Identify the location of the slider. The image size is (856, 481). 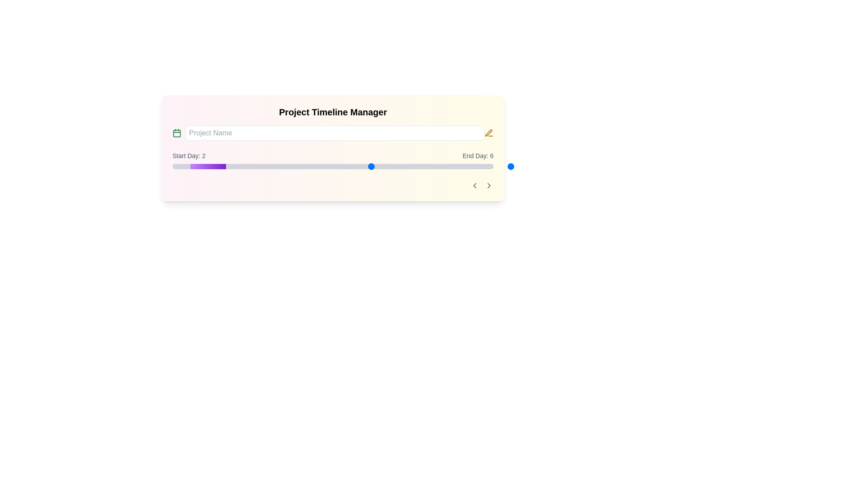
(440, 167).